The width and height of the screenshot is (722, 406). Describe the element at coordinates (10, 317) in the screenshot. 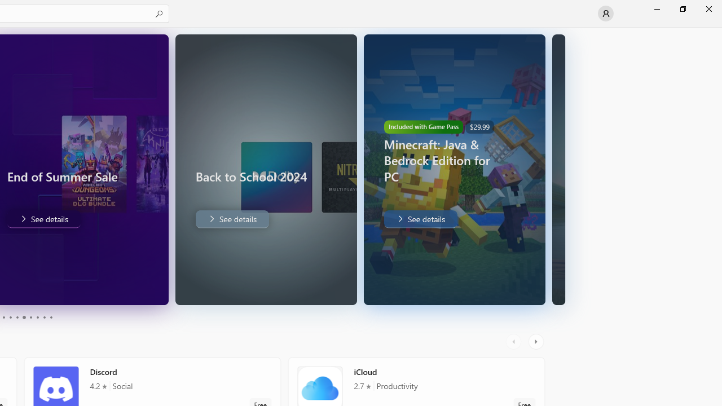

I see `'Page 4'` at that location.